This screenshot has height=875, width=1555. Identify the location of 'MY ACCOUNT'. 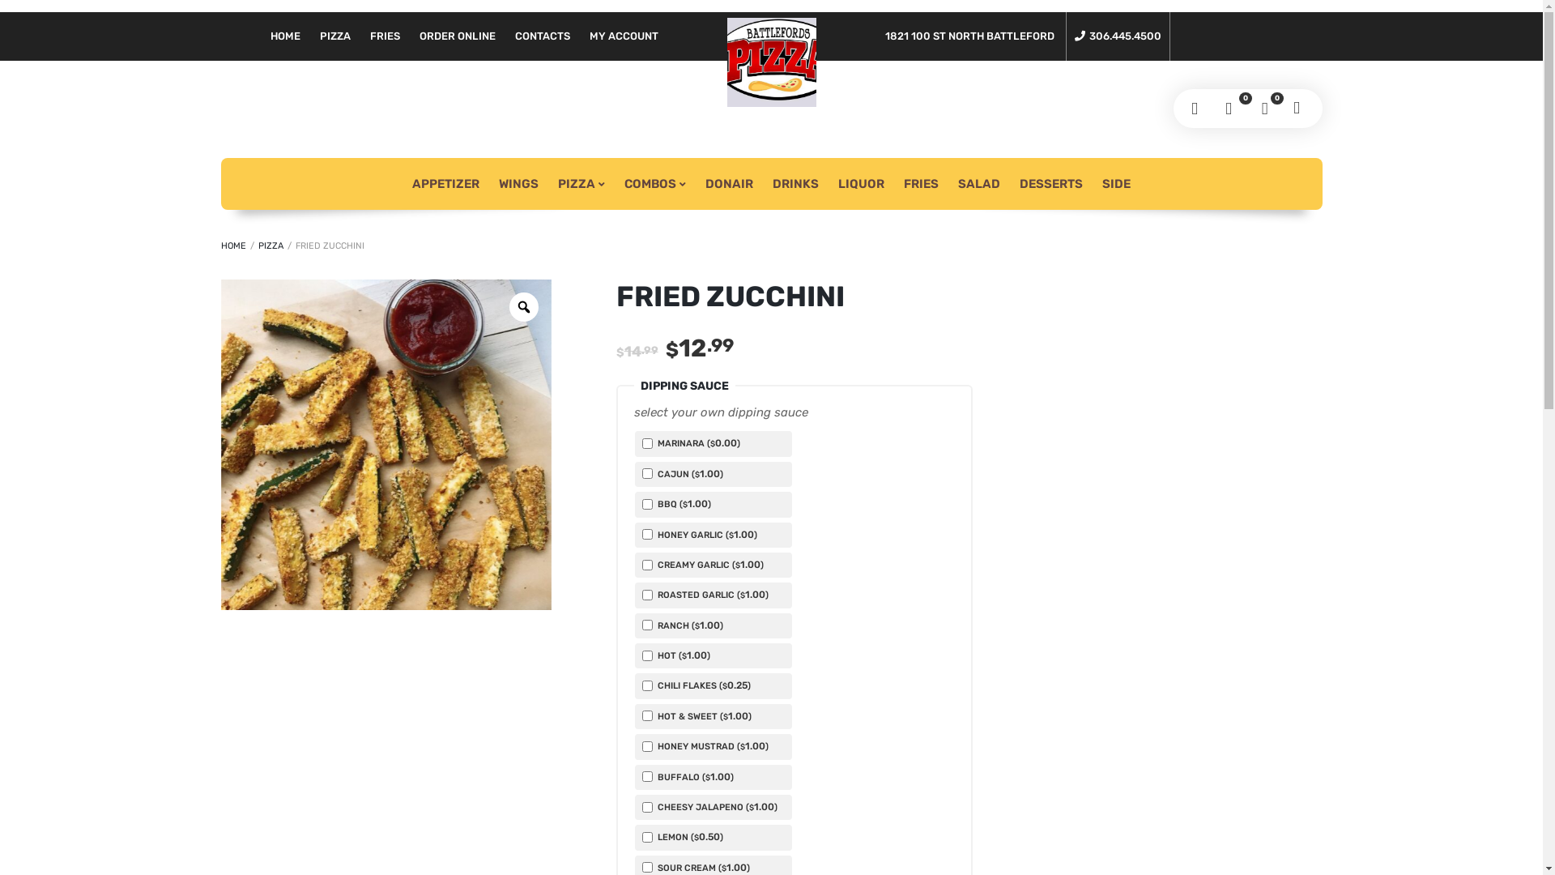
(623, 36).